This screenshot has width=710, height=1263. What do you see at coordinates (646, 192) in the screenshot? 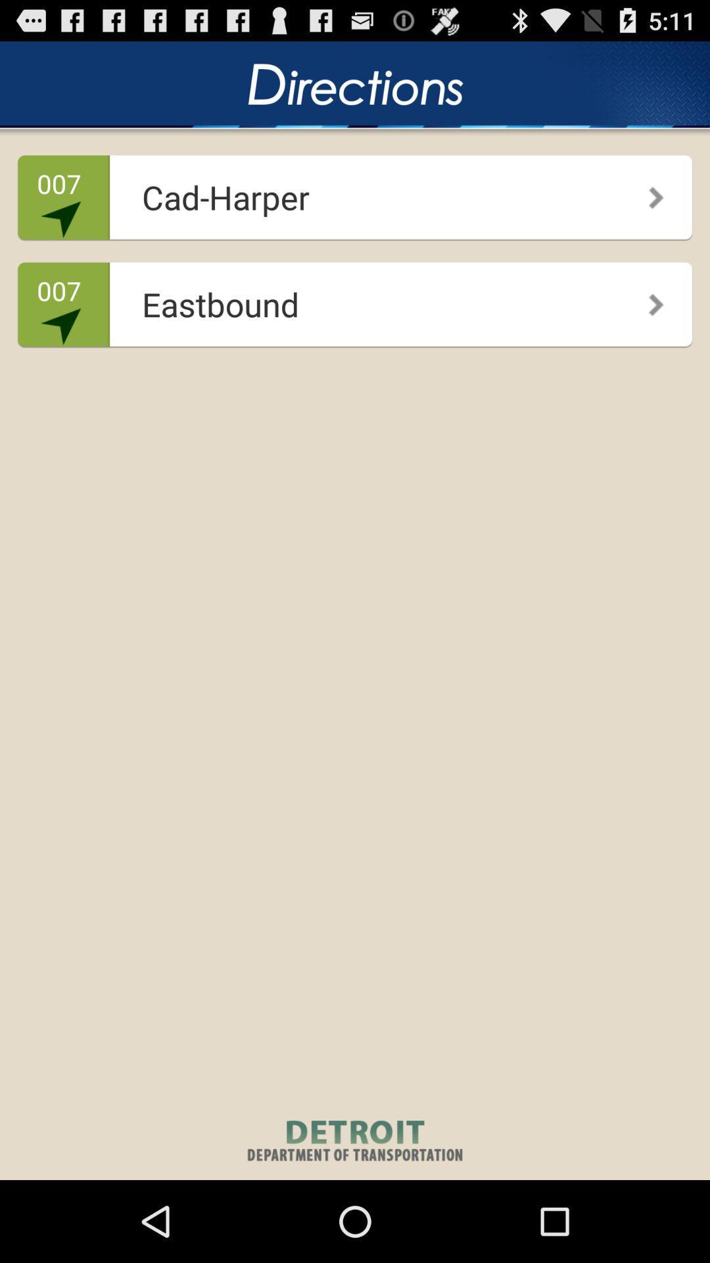
I see `the icon to the right of cad-harper icon` at bounding box center [646, 192].